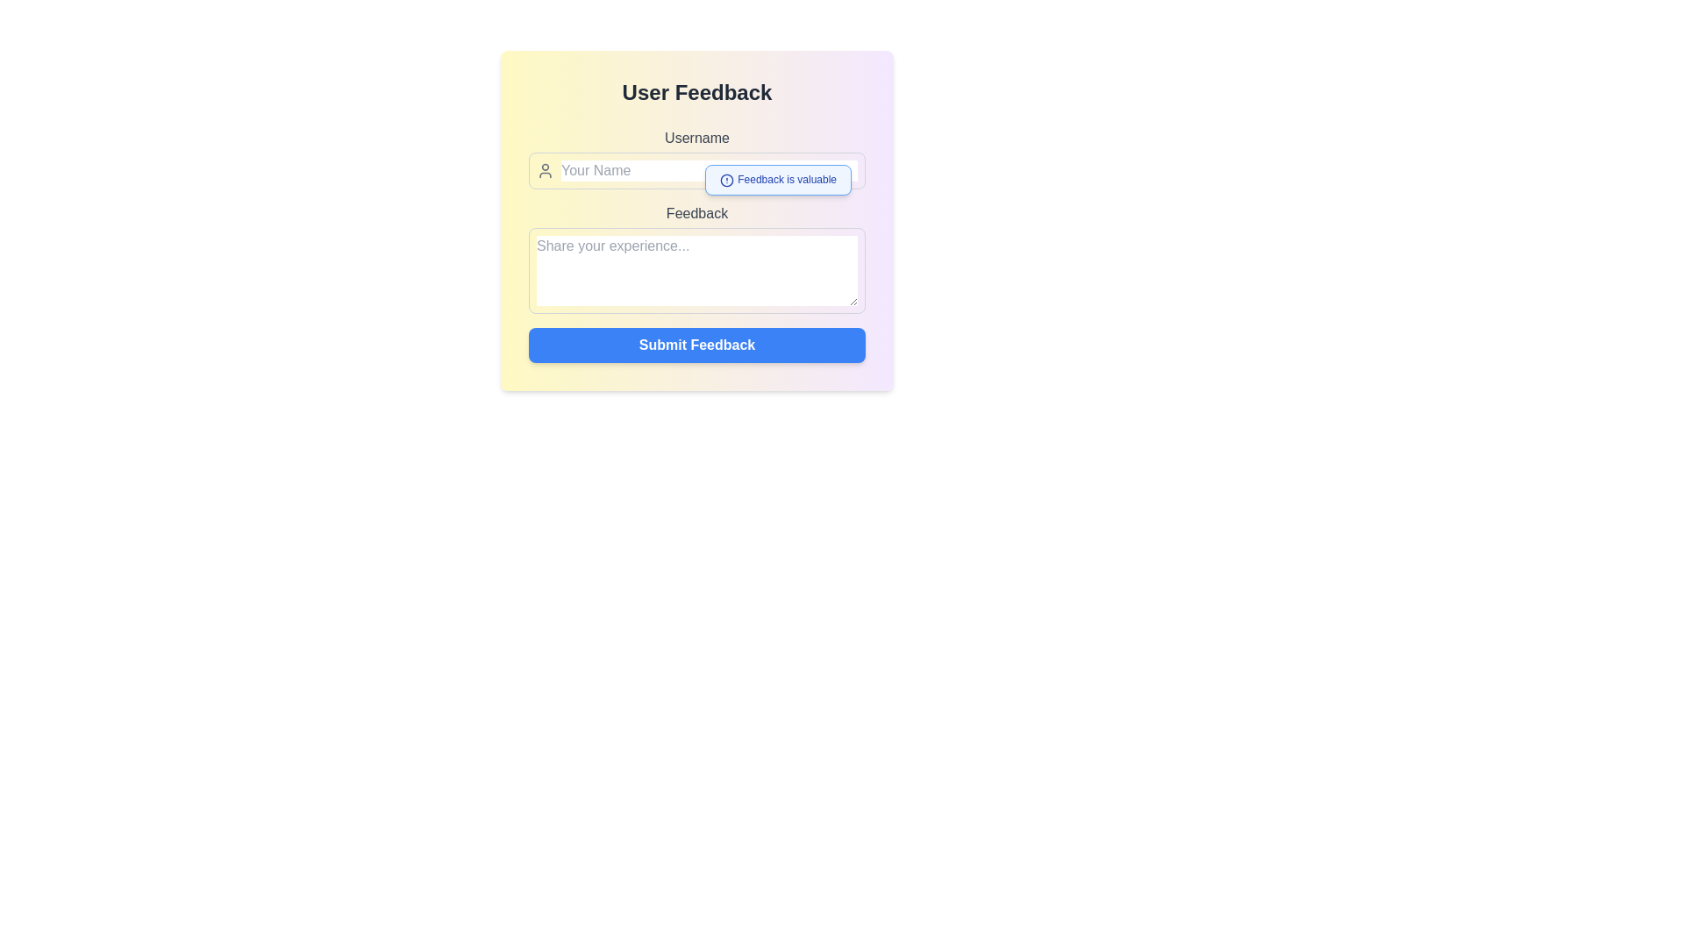 This screenshot has width=1684, height=947. What do you see at coordinates (545, 171) in the screenshot?
I see `the user profile icon located in the top-left corner of the input field group, adjacent to the 'Your Name' text input placeholder` at bounding box center [545, 171].